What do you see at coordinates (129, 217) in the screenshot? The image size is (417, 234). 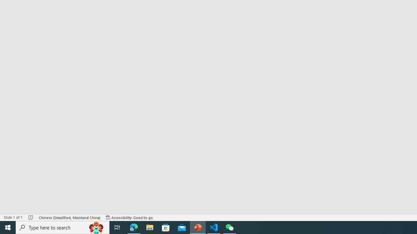 I see `'Accessibility Checker Accessibility: Good to go'` at bounding box center [129, 217].